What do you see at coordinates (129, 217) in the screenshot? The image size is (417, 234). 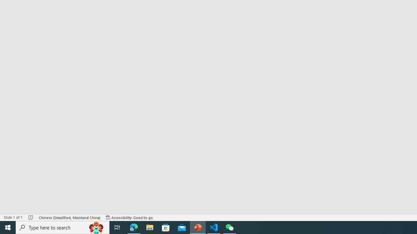 I see `'Accessibility Checker Accessibility: Good to go'` at bounding box center [129, 217].